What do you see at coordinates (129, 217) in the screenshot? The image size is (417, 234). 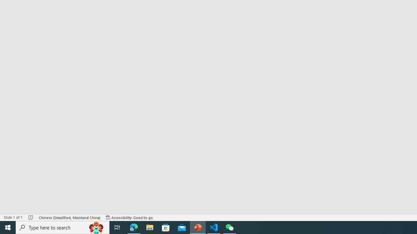 I see `'Accessibility Checker Accessibility: Good to go'` at bounding box center [129, 217].